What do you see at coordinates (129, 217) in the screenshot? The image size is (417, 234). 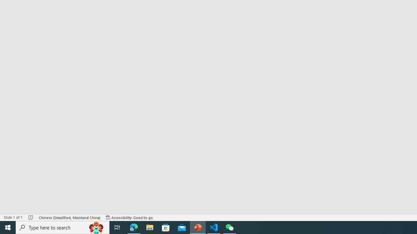 I see `'Accessibility Checker Accessibility: Good to go'` at bounding box center [129, 217].